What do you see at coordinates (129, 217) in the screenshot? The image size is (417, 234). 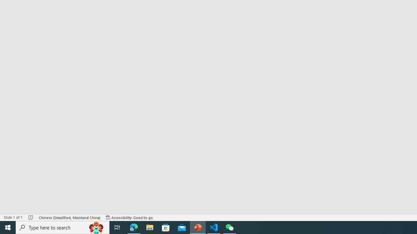 I see `'Accessibility Checker Accessibility: Good to go'` at bounding box center [129, 217].